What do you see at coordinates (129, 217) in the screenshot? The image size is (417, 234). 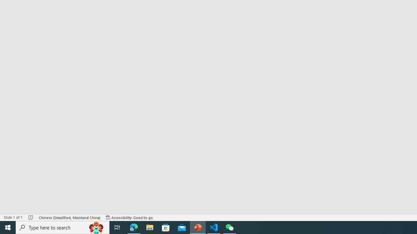 I see `'Accessibility Checker Accessibility: Good to go'` at bounding box center [129, 217].